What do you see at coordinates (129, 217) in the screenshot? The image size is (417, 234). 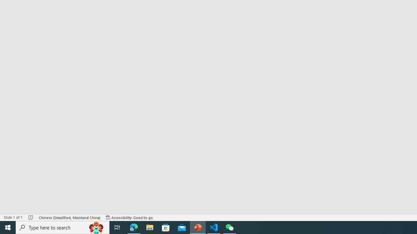 I see `'Accessibility Checker Accessibility: Good to go'` at bounding box center [129, 217].